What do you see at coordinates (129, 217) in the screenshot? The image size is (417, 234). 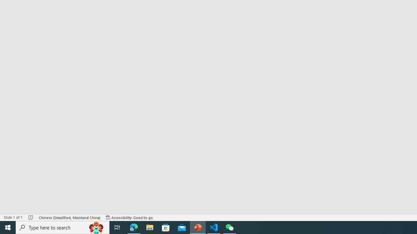 I see `'Accessibility Checker Accessibility: Good to go'` at bounding box center [129, 217].